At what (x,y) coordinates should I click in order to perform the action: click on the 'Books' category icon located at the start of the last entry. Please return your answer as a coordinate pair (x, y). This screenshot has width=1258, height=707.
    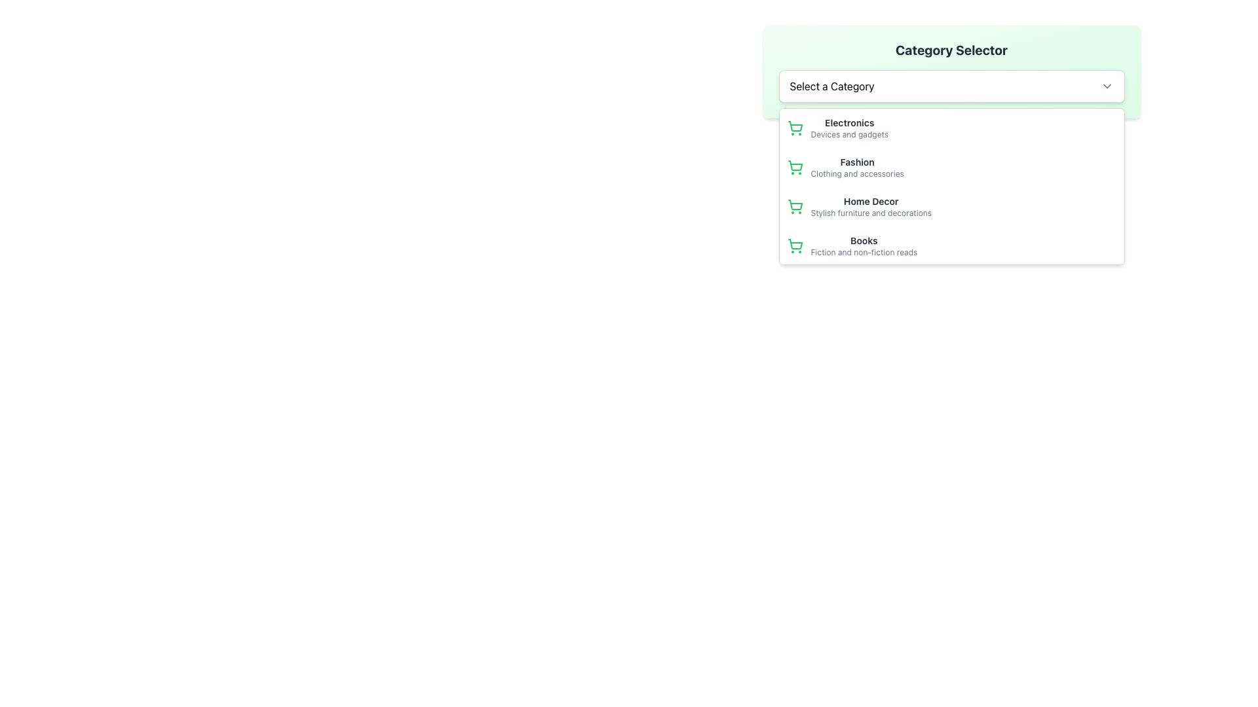
    Looking at the image, I should click on (794, 245).